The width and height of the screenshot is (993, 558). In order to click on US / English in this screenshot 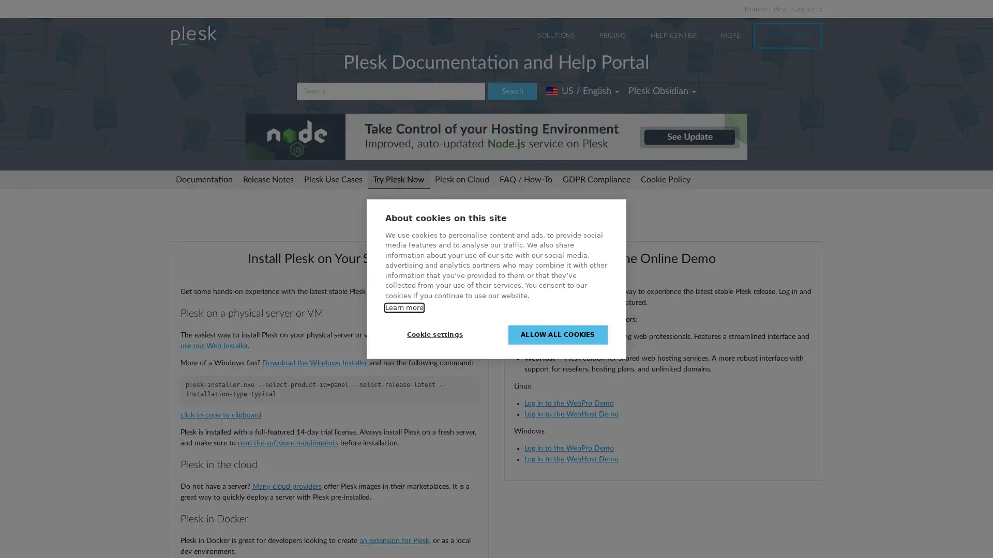, I will do `click(582, 91)`.